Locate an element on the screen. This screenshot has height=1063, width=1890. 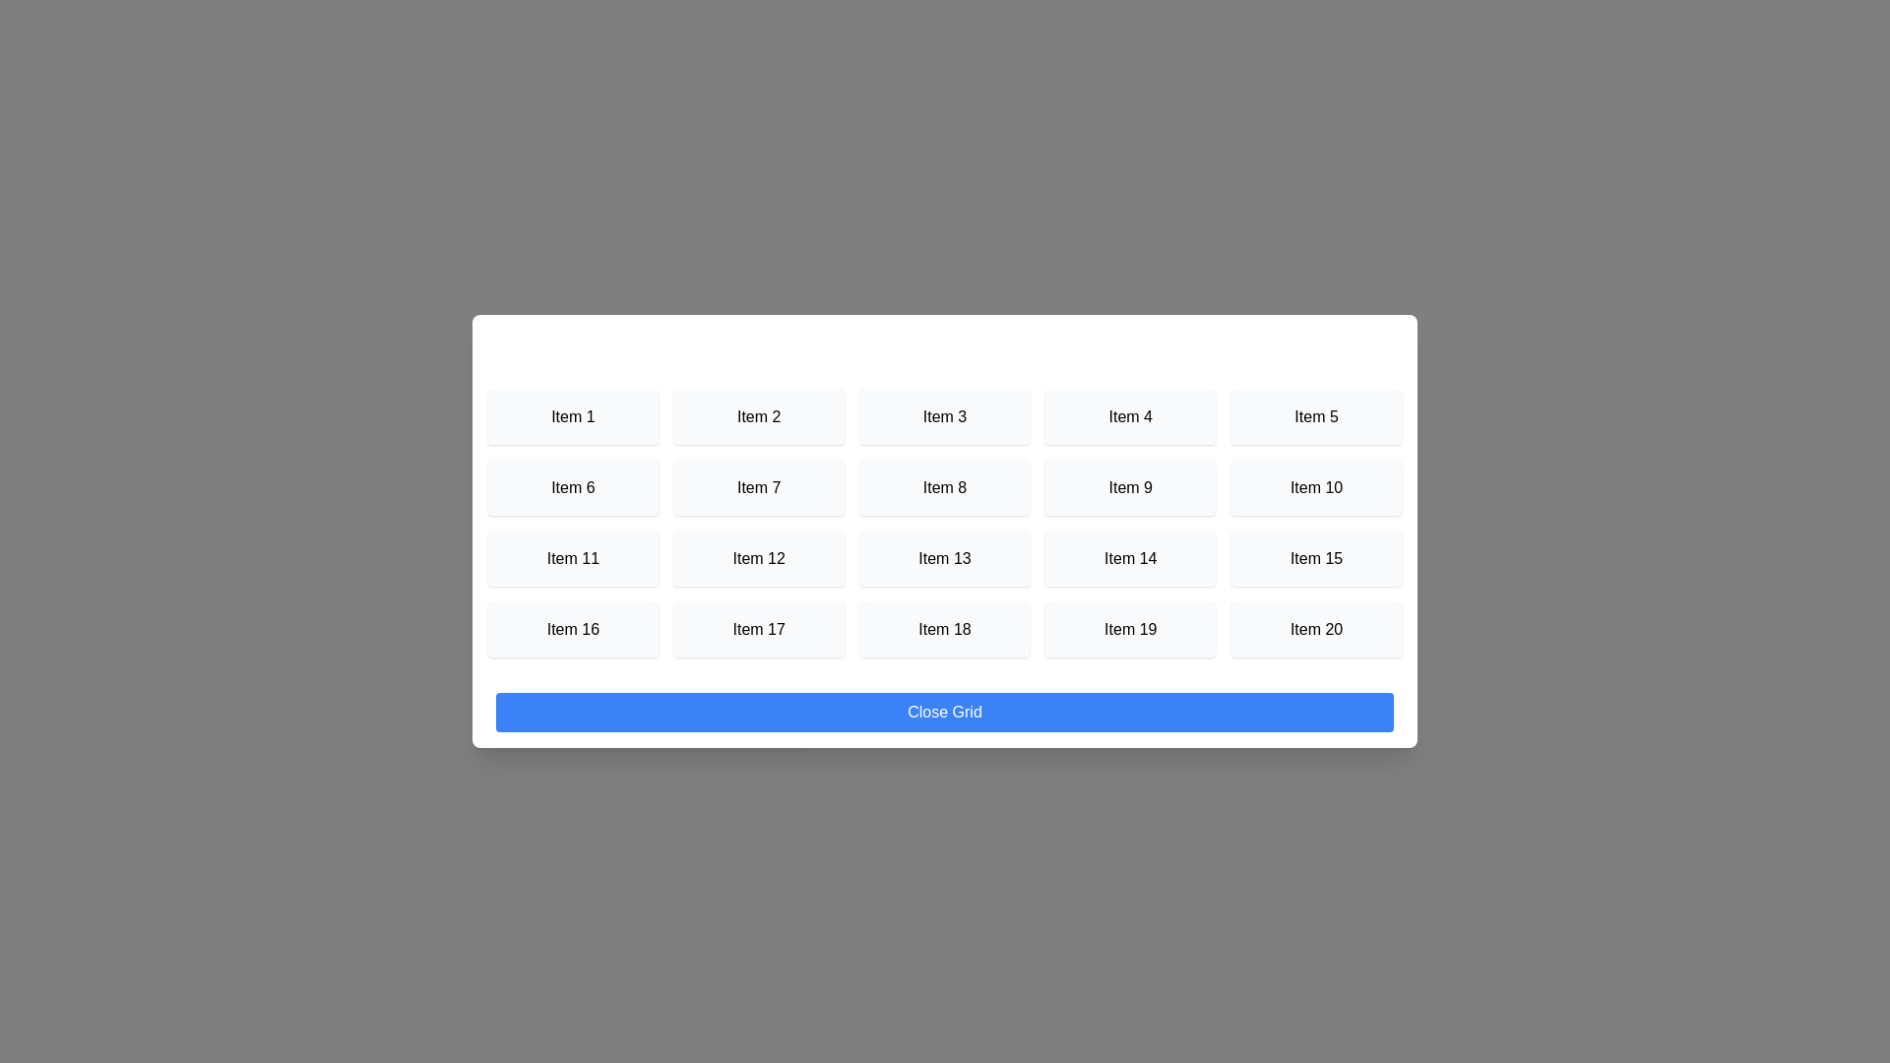
'Close Grid' button to close the dialog is located at coordinates (945, 713).